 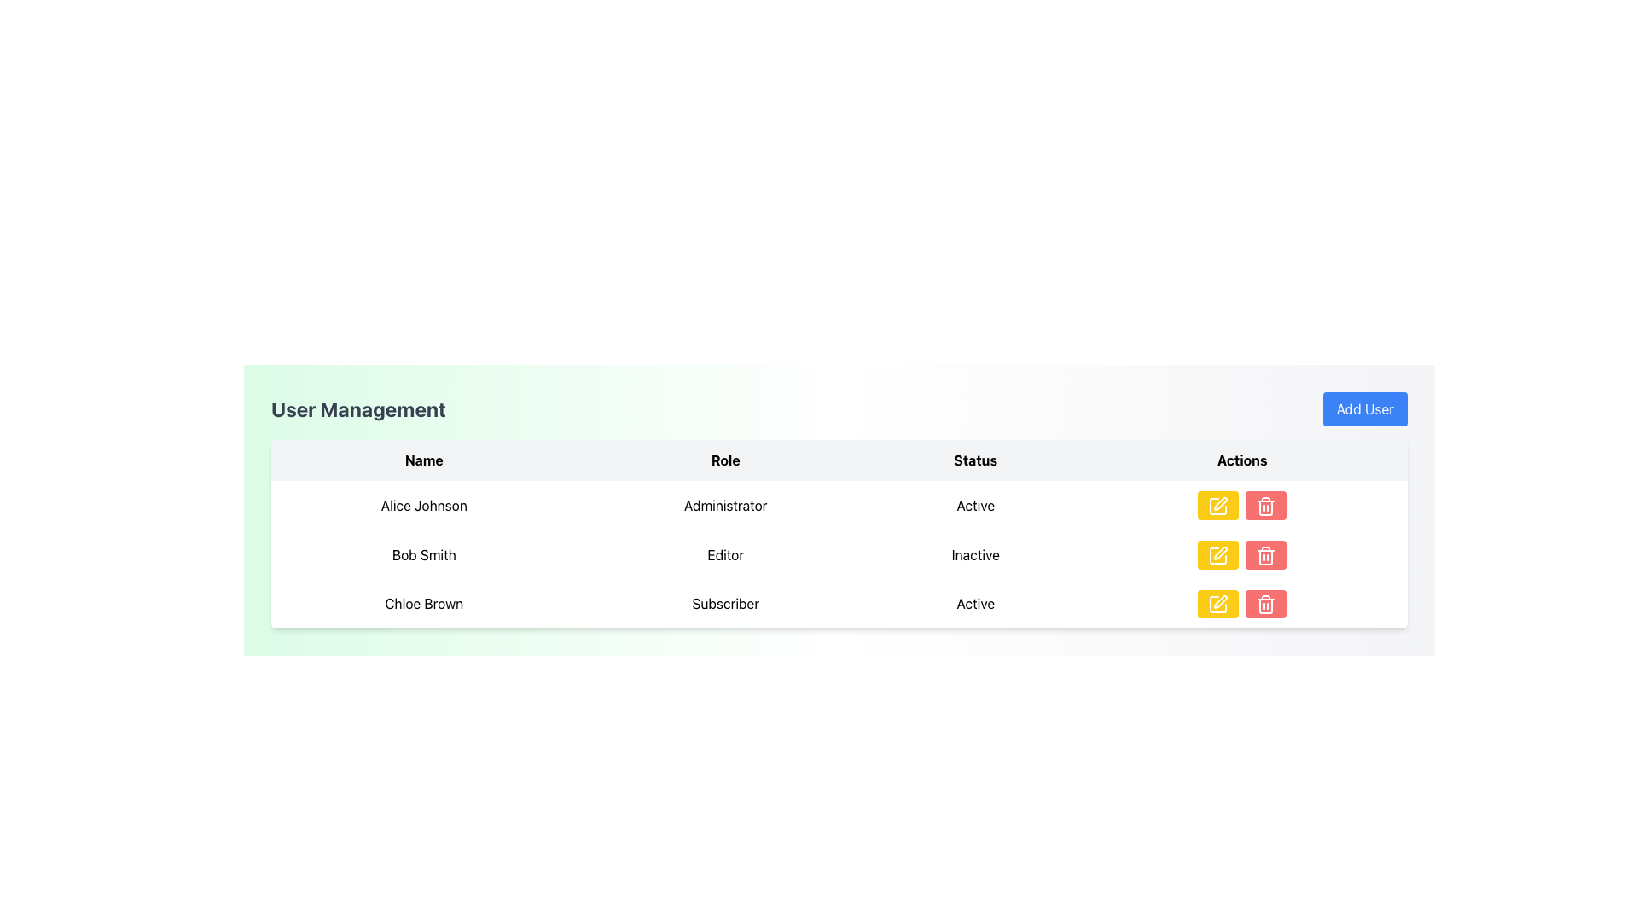 I want to click on the static text label indicating the role of user Bob Smith, located in the second row and second column of the table beneath the 'Role' header, so click(x=725, y=554).